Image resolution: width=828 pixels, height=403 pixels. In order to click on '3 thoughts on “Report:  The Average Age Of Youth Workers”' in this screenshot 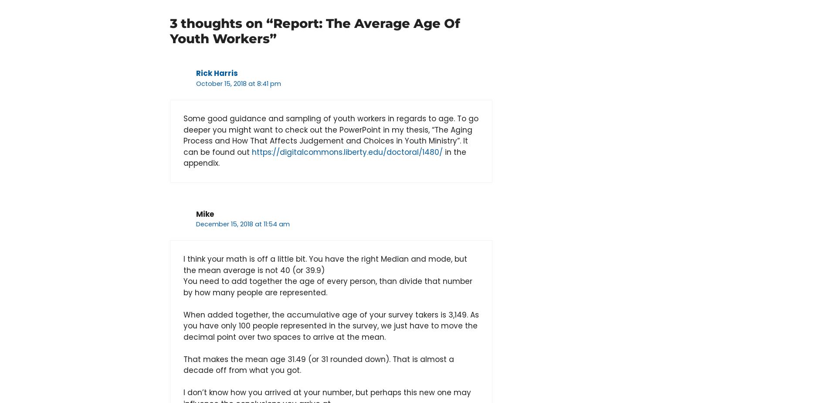, I will do `click(314, 31)`.